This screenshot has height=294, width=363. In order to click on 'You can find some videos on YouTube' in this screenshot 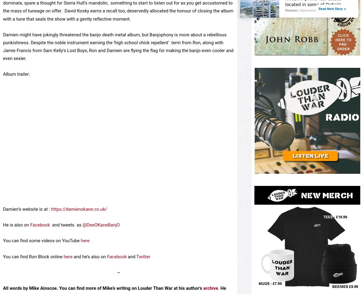, I will do `click(3, 262)`.